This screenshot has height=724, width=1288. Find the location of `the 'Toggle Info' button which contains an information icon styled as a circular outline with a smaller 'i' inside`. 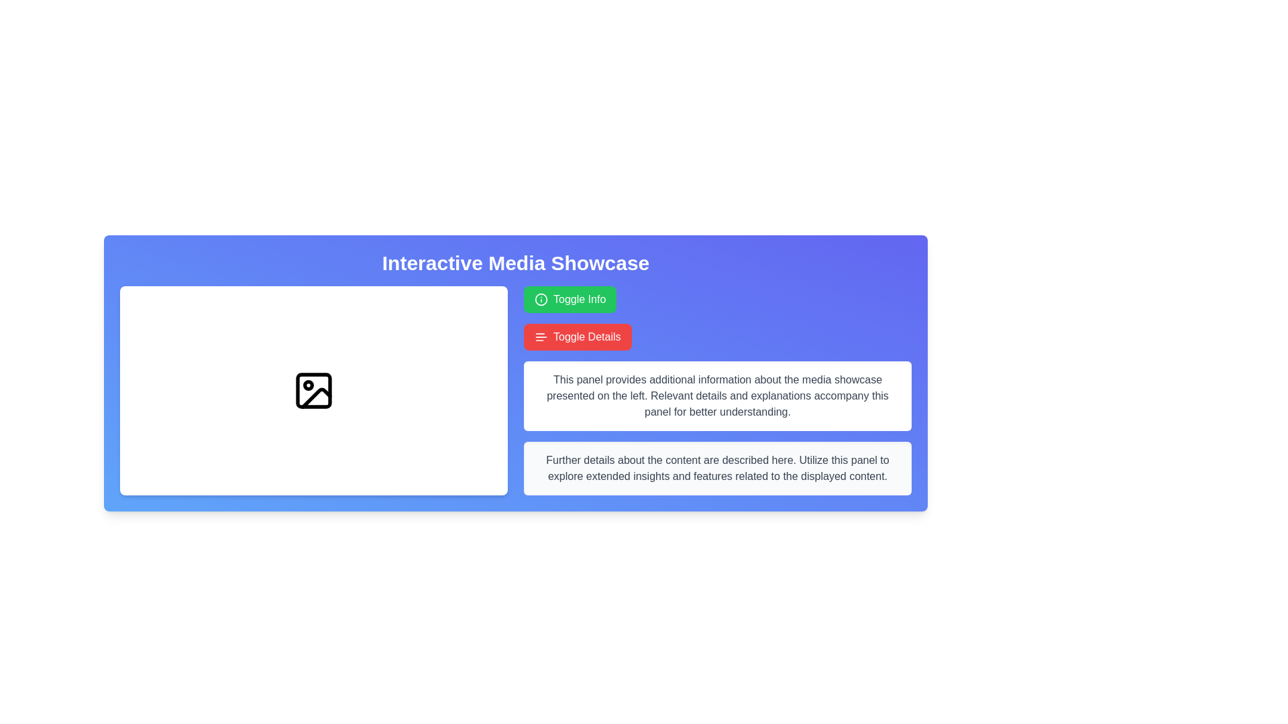

the 'Toggle Info' button which contains an information icon styled as a circular outline with a smaller 'i' inside is located at coordinates (541, 299).